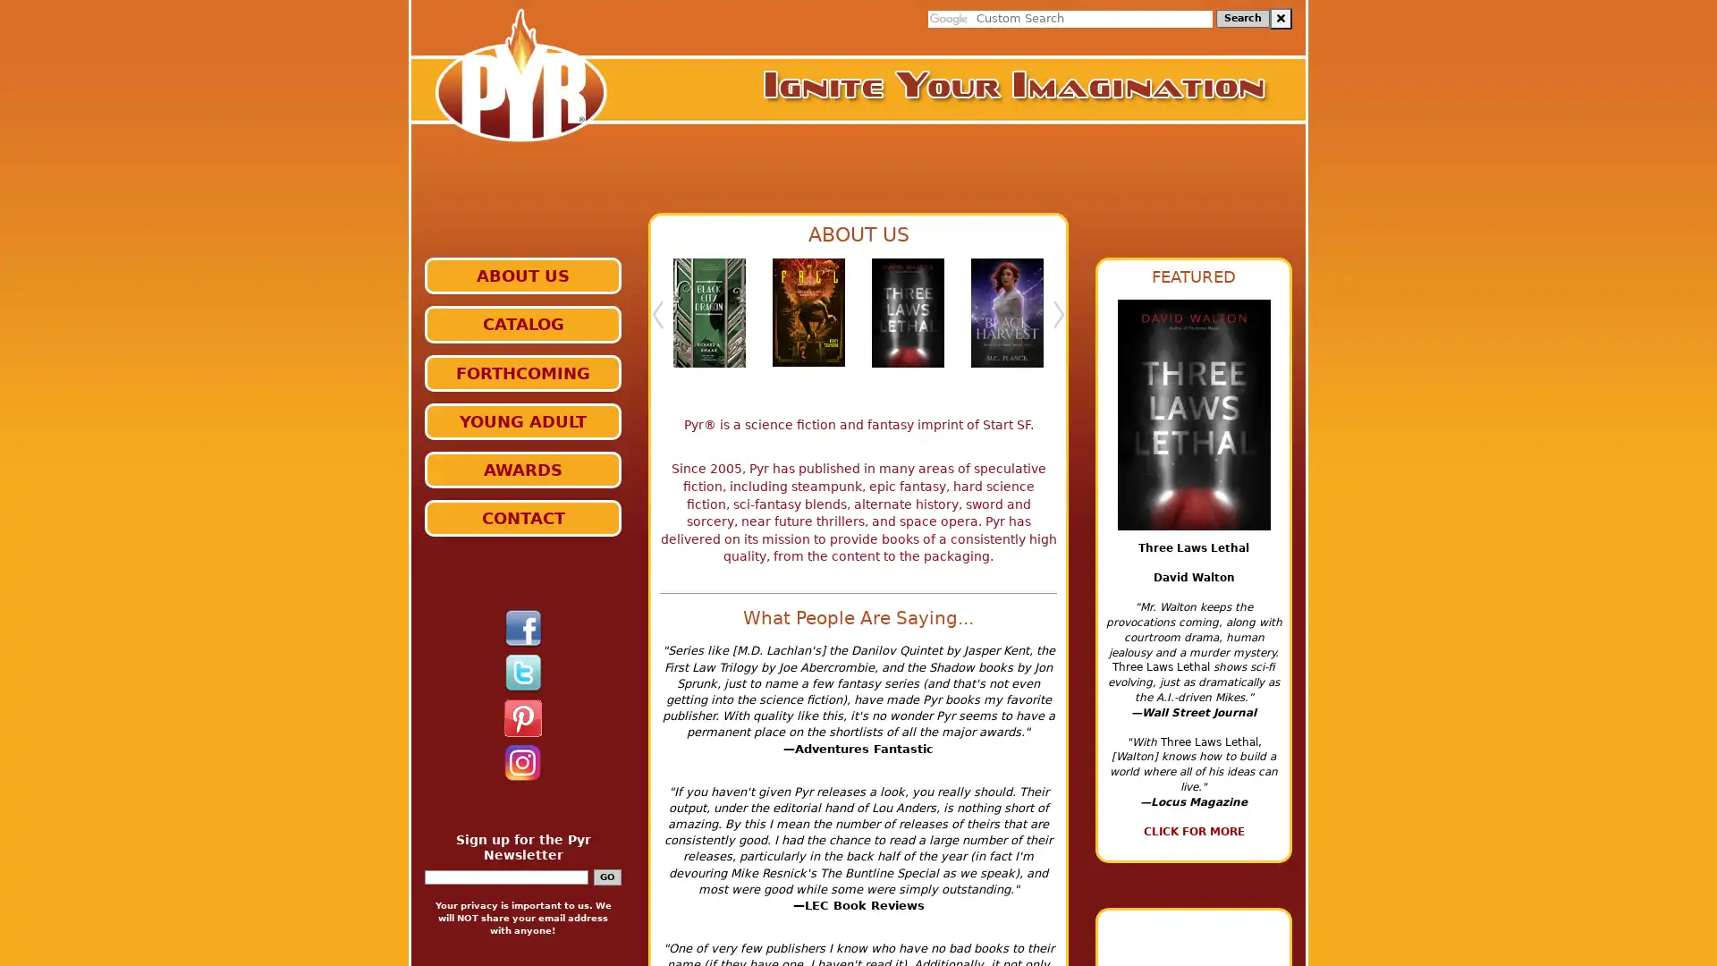 This screenshot has height=966, width=1717. Describe the element at coordinates (606, 875) in the screenshot. I see `GO` at that location.